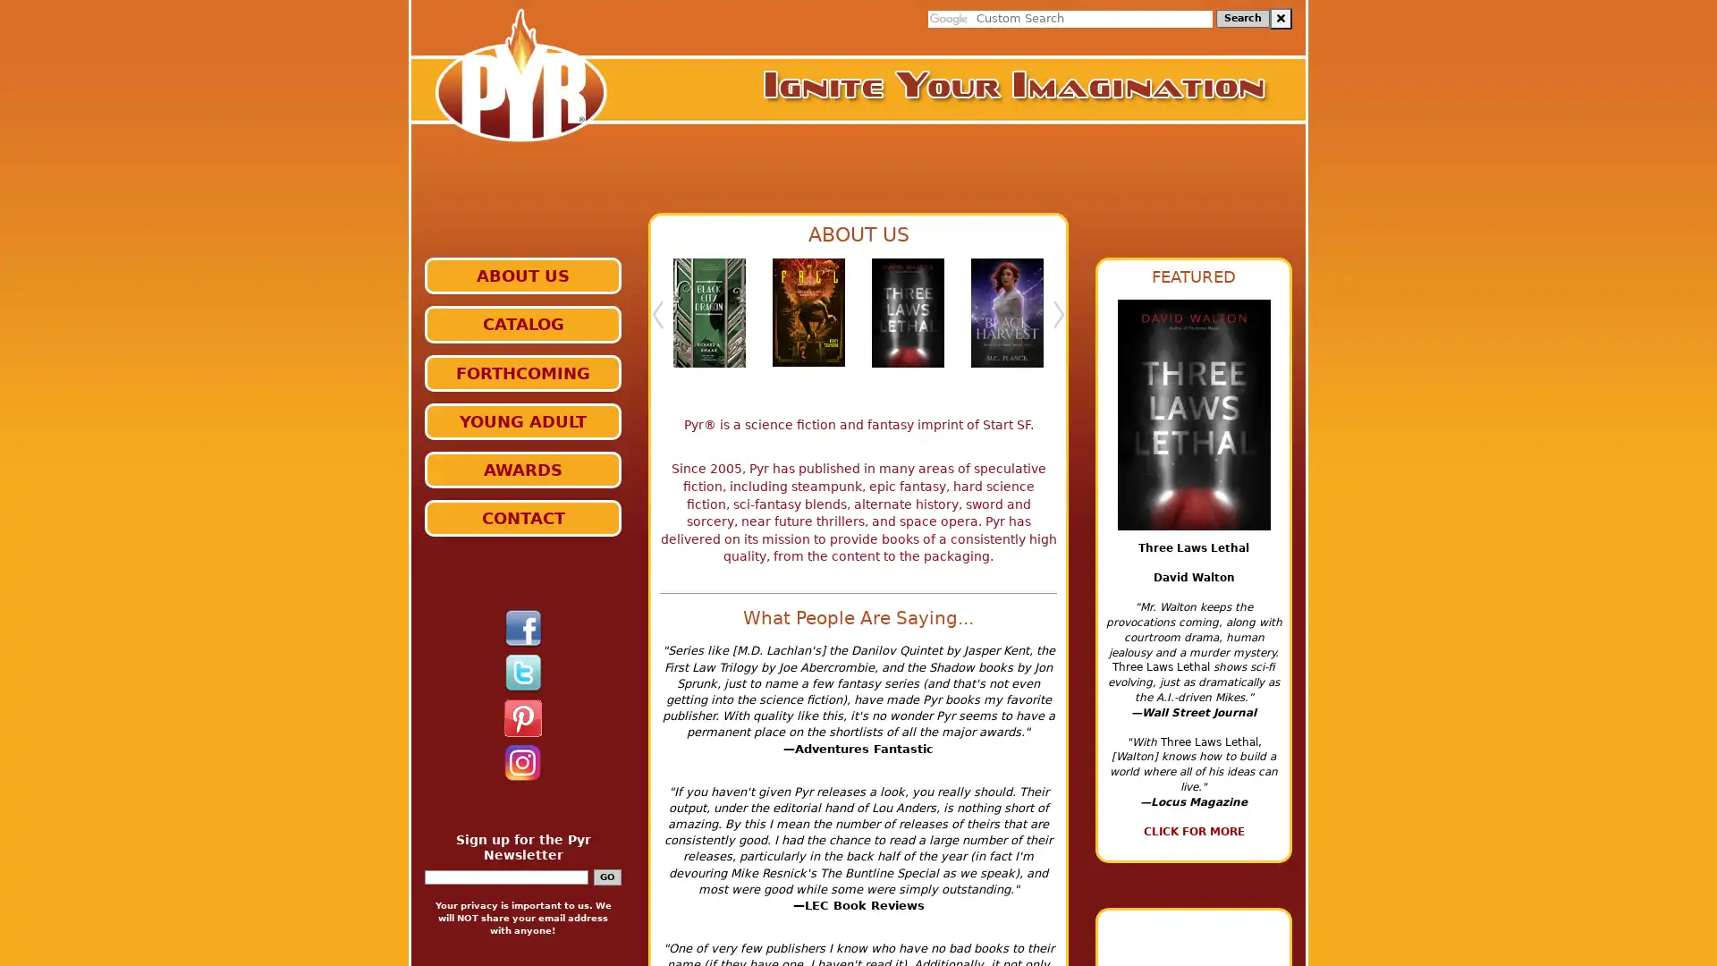 This screenshot has height=966, width=1717. Describe the element at coordinates (606, 875) in the screenshot. I see `GO` at that location.